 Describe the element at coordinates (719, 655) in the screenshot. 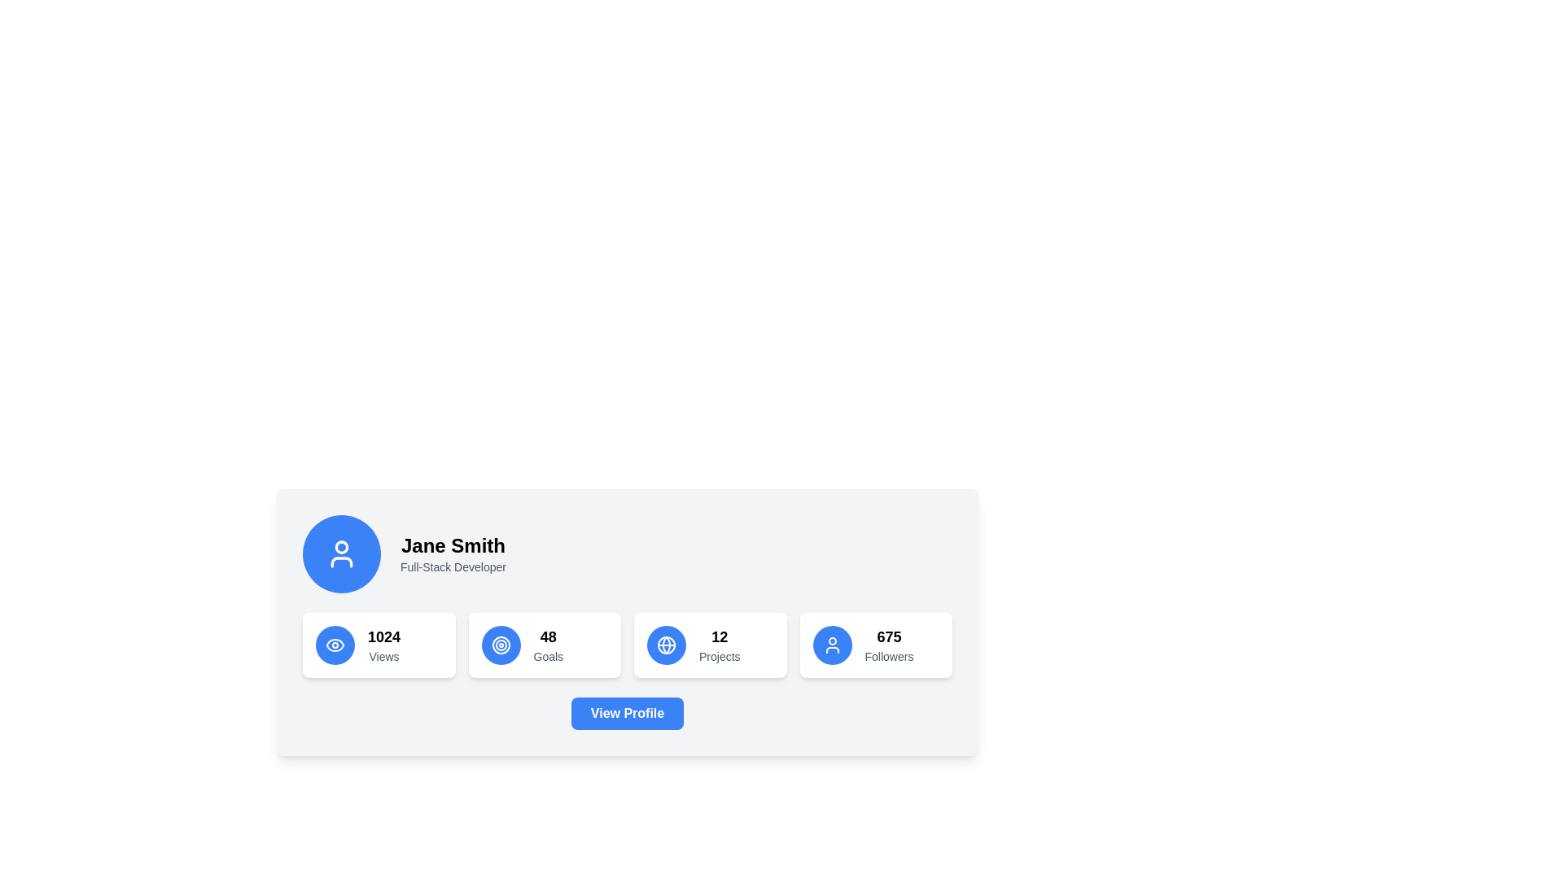

I see `the text label indicating the number of 'Projects' associated with the profile, positioned below the number '12' in the statistics section` at that location.